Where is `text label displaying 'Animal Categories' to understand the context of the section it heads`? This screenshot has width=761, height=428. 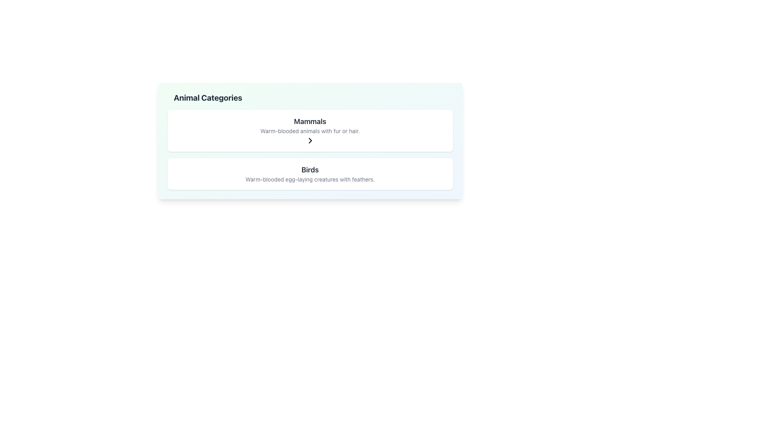
text label displaying 'Animal Categories' to understand the context of the section it heads is located at coordinates (208, 97).